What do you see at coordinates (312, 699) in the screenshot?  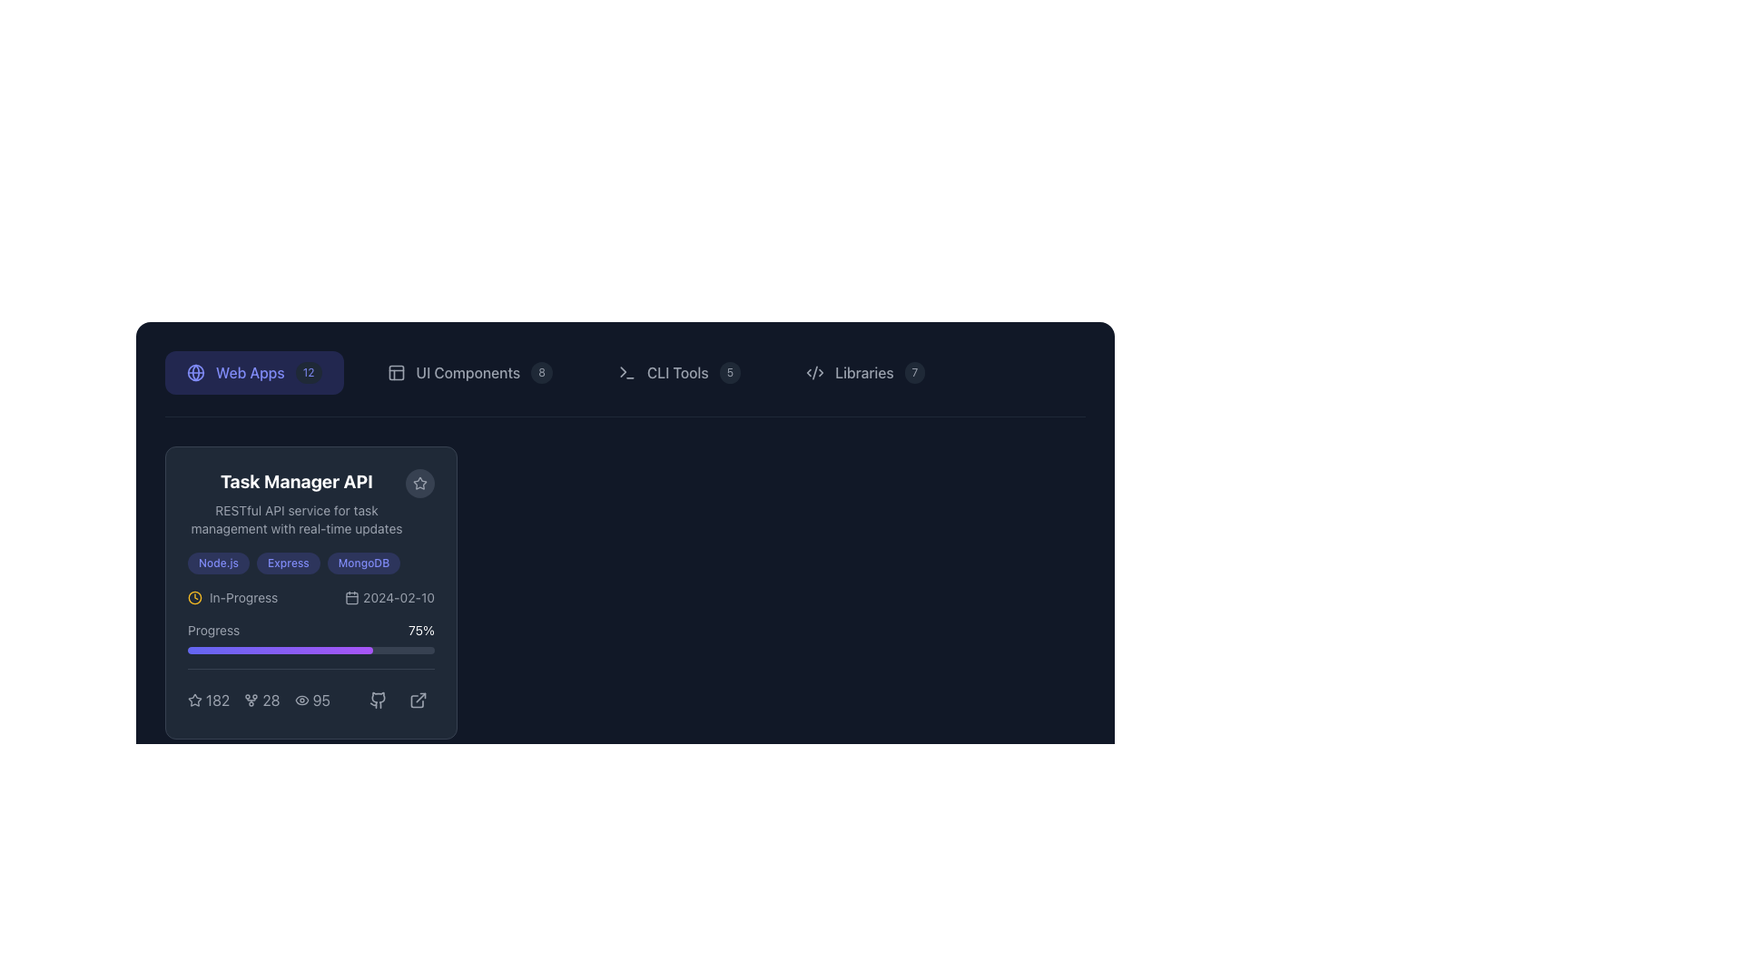 I see `the static text label displaying the numerical value '95', styled in gray font, located in the bottom-right corner of the 'Task Manager API' component` at bounding box center [312, 699].